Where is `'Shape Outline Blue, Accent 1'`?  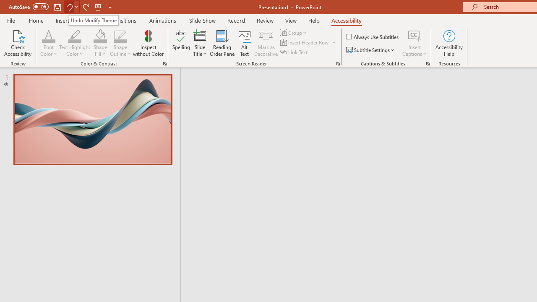 'Shape Outline Blue, Accent 1' is located at coordinates (120, 35).